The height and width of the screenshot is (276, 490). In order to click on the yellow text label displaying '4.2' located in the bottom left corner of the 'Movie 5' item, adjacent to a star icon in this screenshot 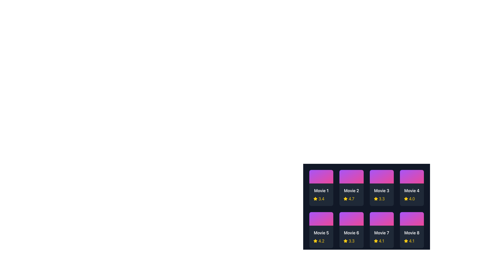, I will do `click(321, 241)`.